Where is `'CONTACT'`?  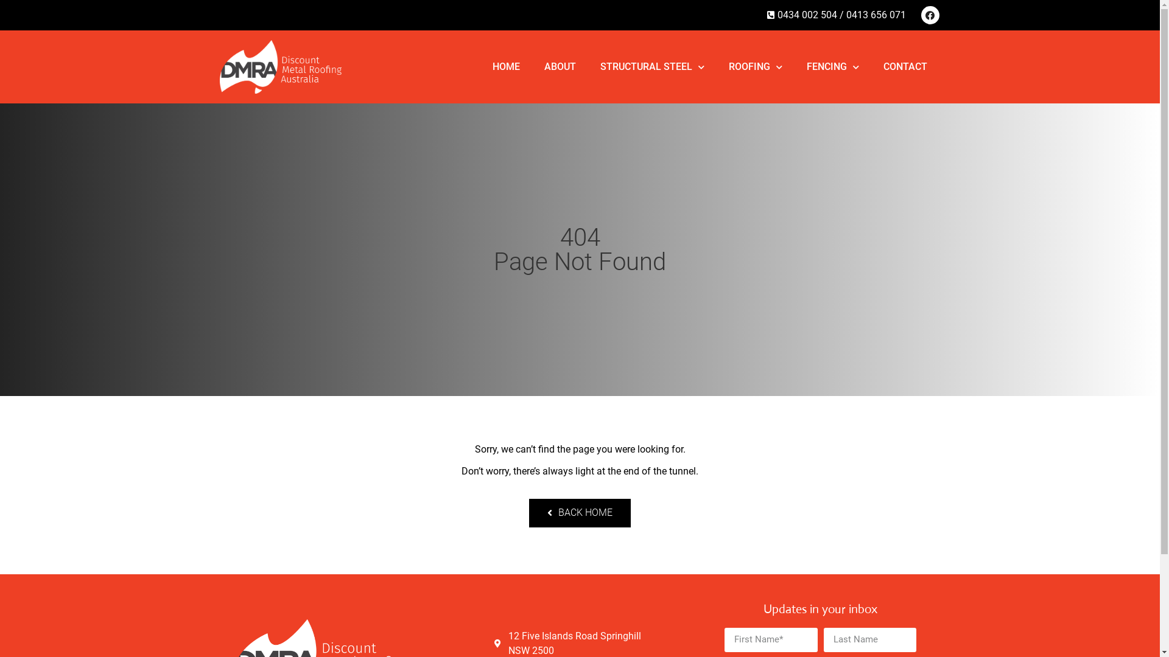
'CONTACT' is located at coordinates (905, 67).